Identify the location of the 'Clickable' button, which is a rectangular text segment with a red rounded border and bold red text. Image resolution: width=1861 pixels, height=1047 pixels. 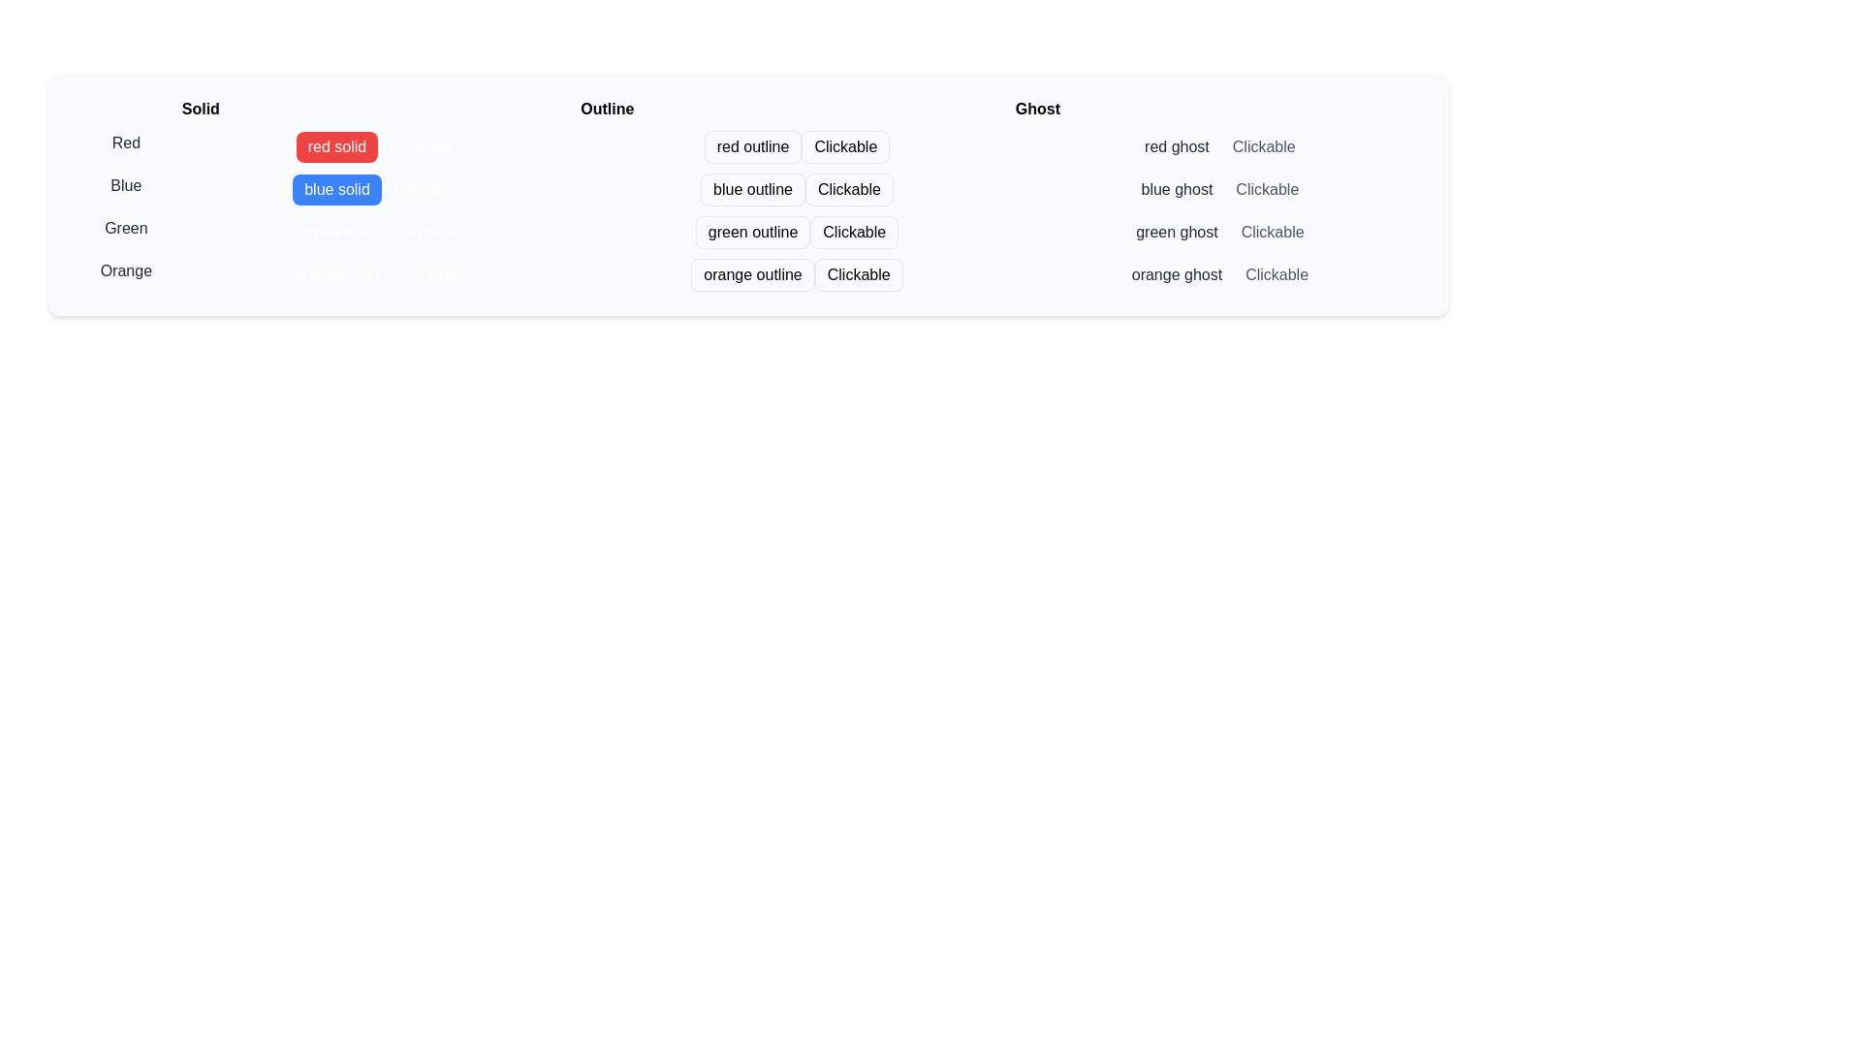
(845, 145).